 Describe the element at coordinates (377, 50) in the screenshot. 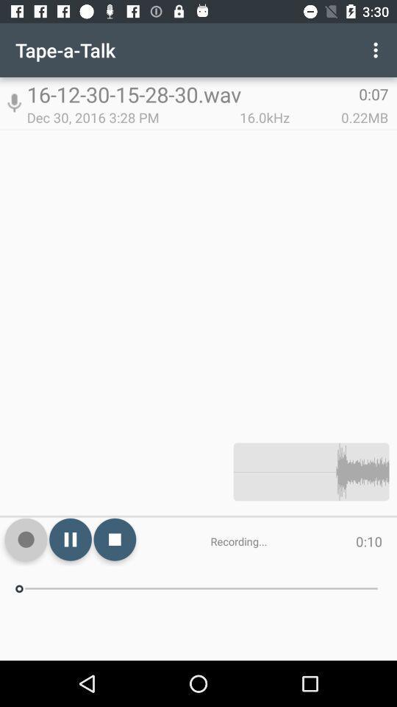

I see `item above 0:07 icon` at that location.